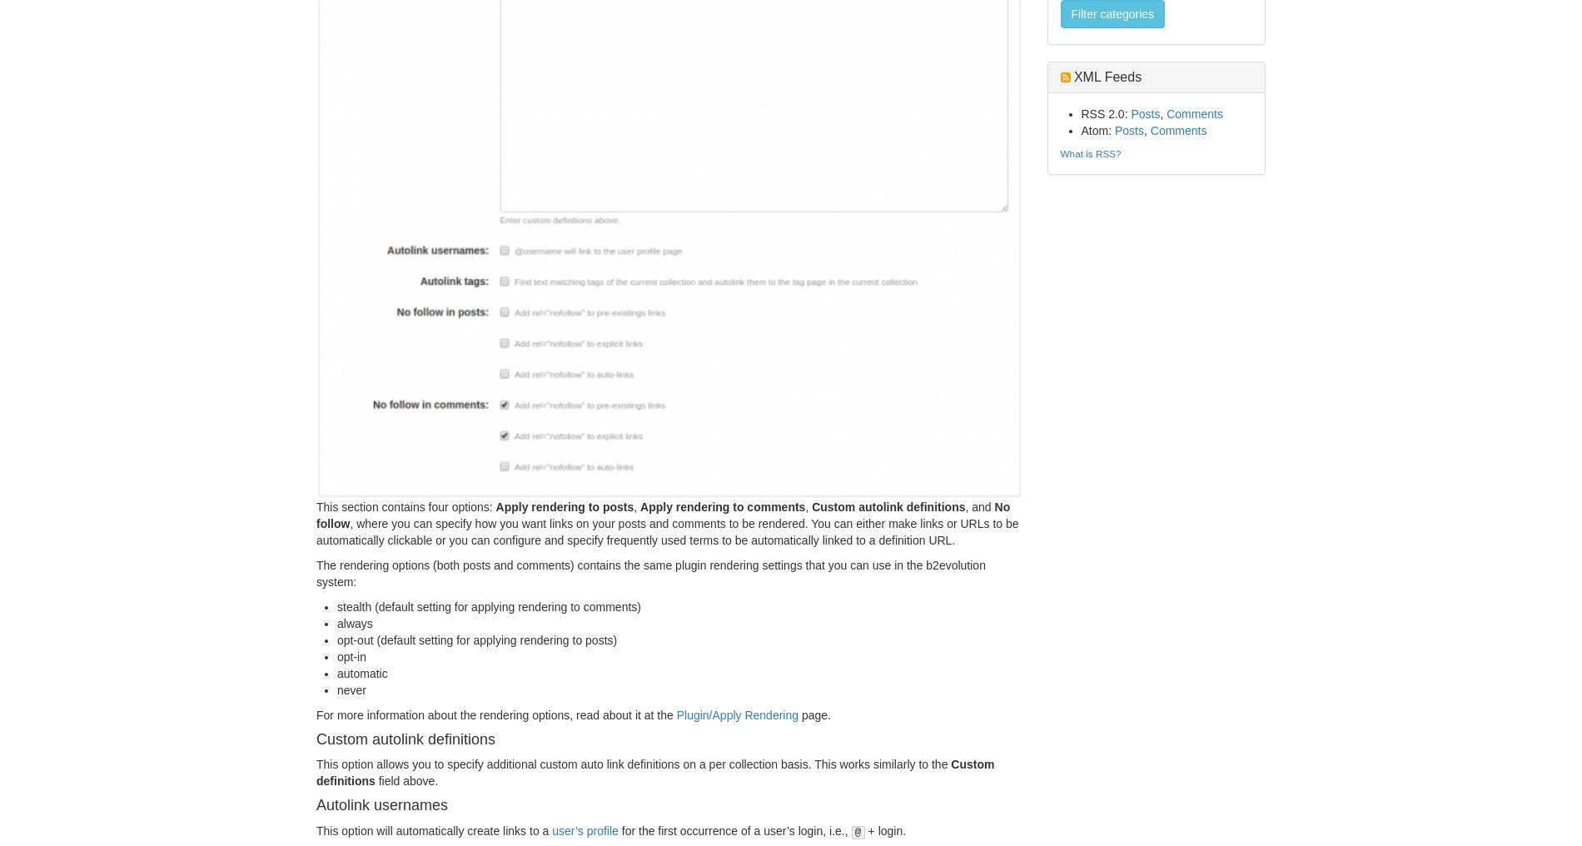  I want to click on 'XML Feeds', so click(1104, 77).